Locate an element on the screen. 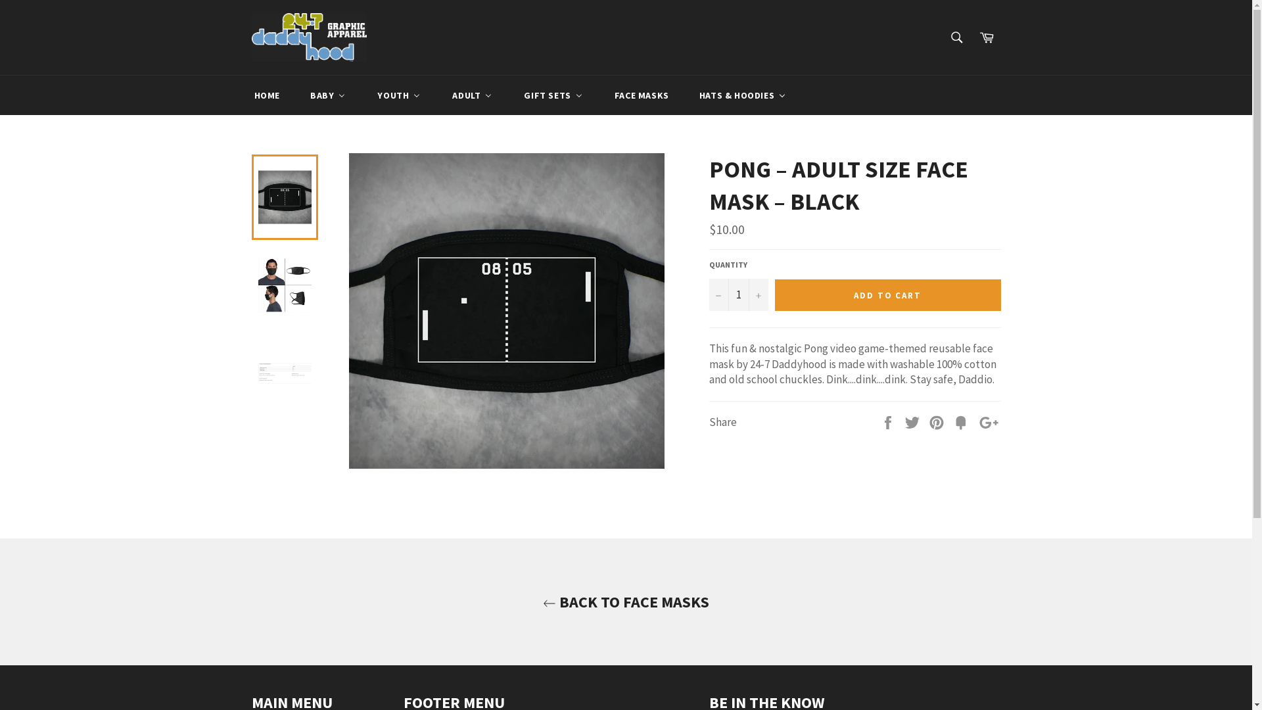 The image size is (1262, 710). 'FACE MASKS' is located at coordinates (598, 95).